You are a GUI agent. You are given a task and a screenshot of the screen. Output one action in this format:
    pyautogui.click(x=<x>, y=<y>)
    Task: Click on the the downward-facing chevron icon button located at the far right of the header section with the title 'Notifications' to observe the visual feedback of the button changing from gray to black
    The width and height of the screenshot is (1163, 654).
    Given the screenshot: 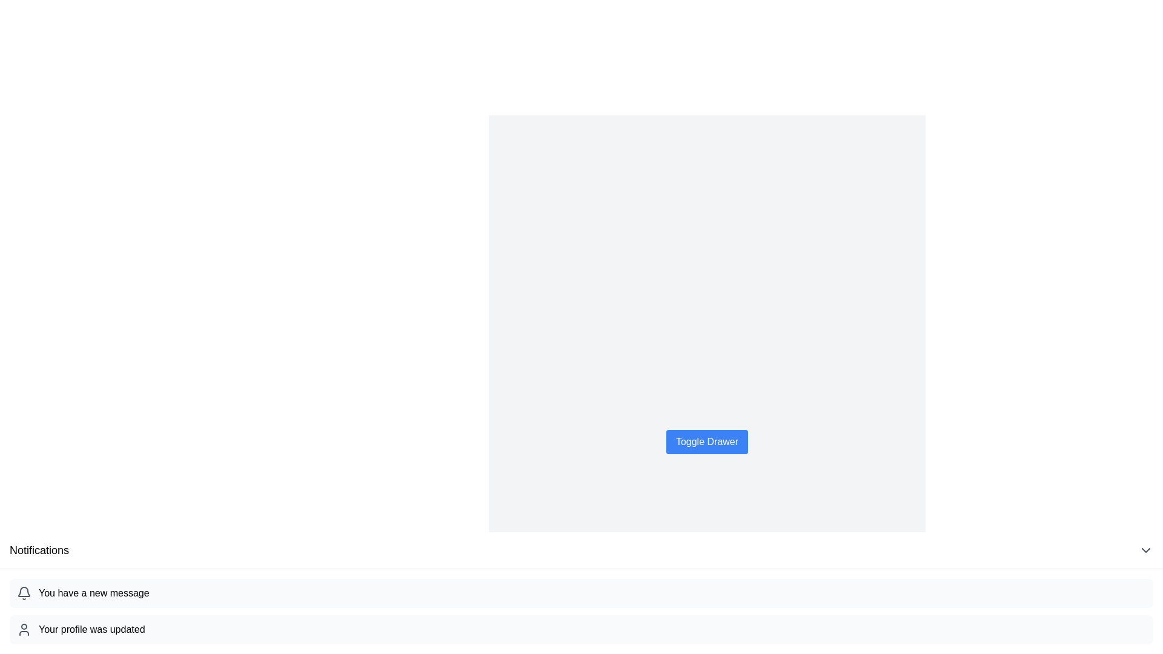 What is the action you would take?
    pyautogui.click(x=1145, y=550)
    